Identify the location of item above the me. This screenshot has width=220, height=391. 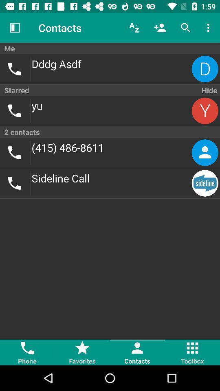
(134, 28).